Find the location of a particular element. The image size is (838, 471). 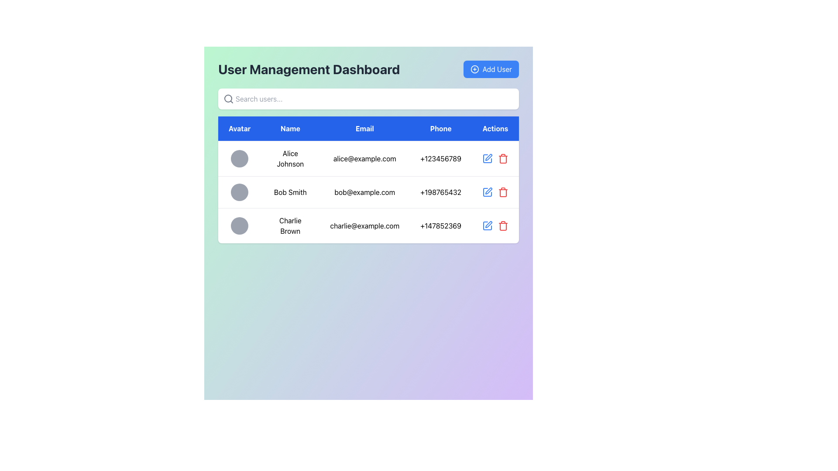

the column header indicating the 'Actions' for each row in the user management table, located at the rightmost end of the header row is located at coordinates (495, 128).